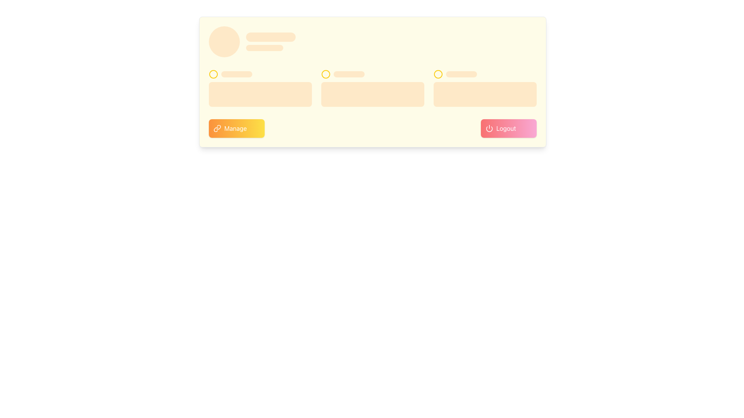  Describe the element at coordinates (235, 128) in the screenshot. I see `text content of the 'Manage' button, which is styled in white color and integrated within a yellow-orange rounded button` at that location.